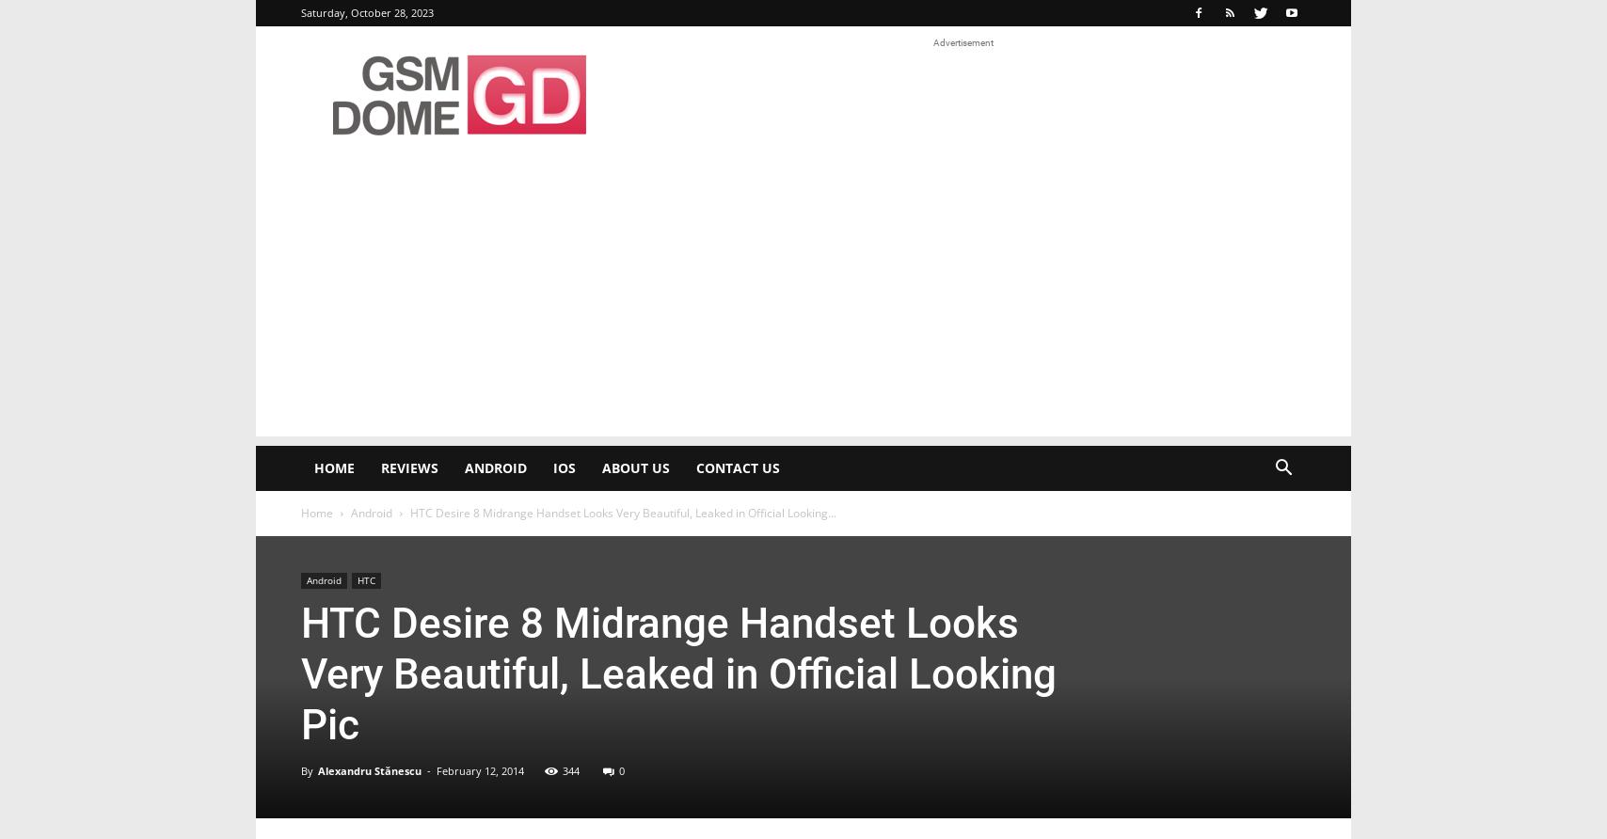  What do you see at coordinates (480, 769) in the screenshot?
I see `'February 12, 2014'` at bounding box center [480, 769].